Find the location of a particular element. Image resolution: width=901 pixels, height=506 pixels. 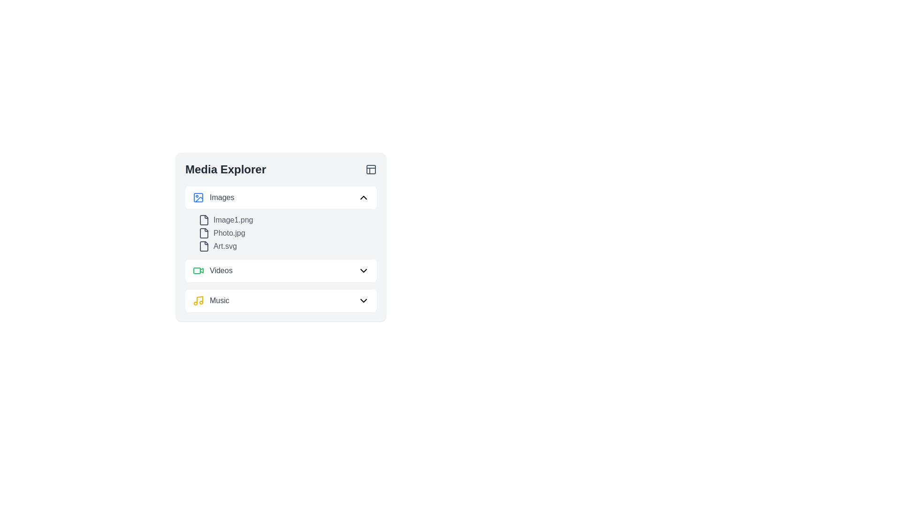

to select the file list item representing 'Image1.png' located in the 'Media Explorer' section under the 'Images' category is located at coordinates (287, 220).